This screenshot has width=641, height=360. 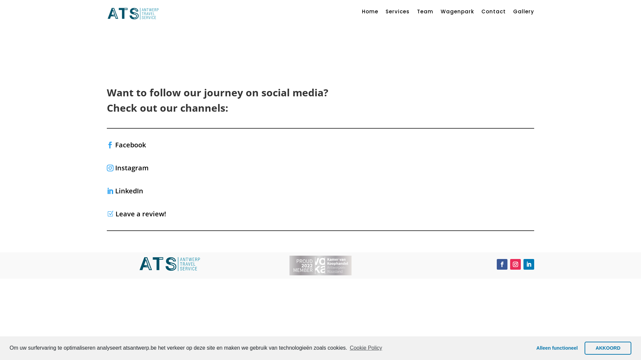 I want to click on 'Wagenpark', so click(x=457, y=13).